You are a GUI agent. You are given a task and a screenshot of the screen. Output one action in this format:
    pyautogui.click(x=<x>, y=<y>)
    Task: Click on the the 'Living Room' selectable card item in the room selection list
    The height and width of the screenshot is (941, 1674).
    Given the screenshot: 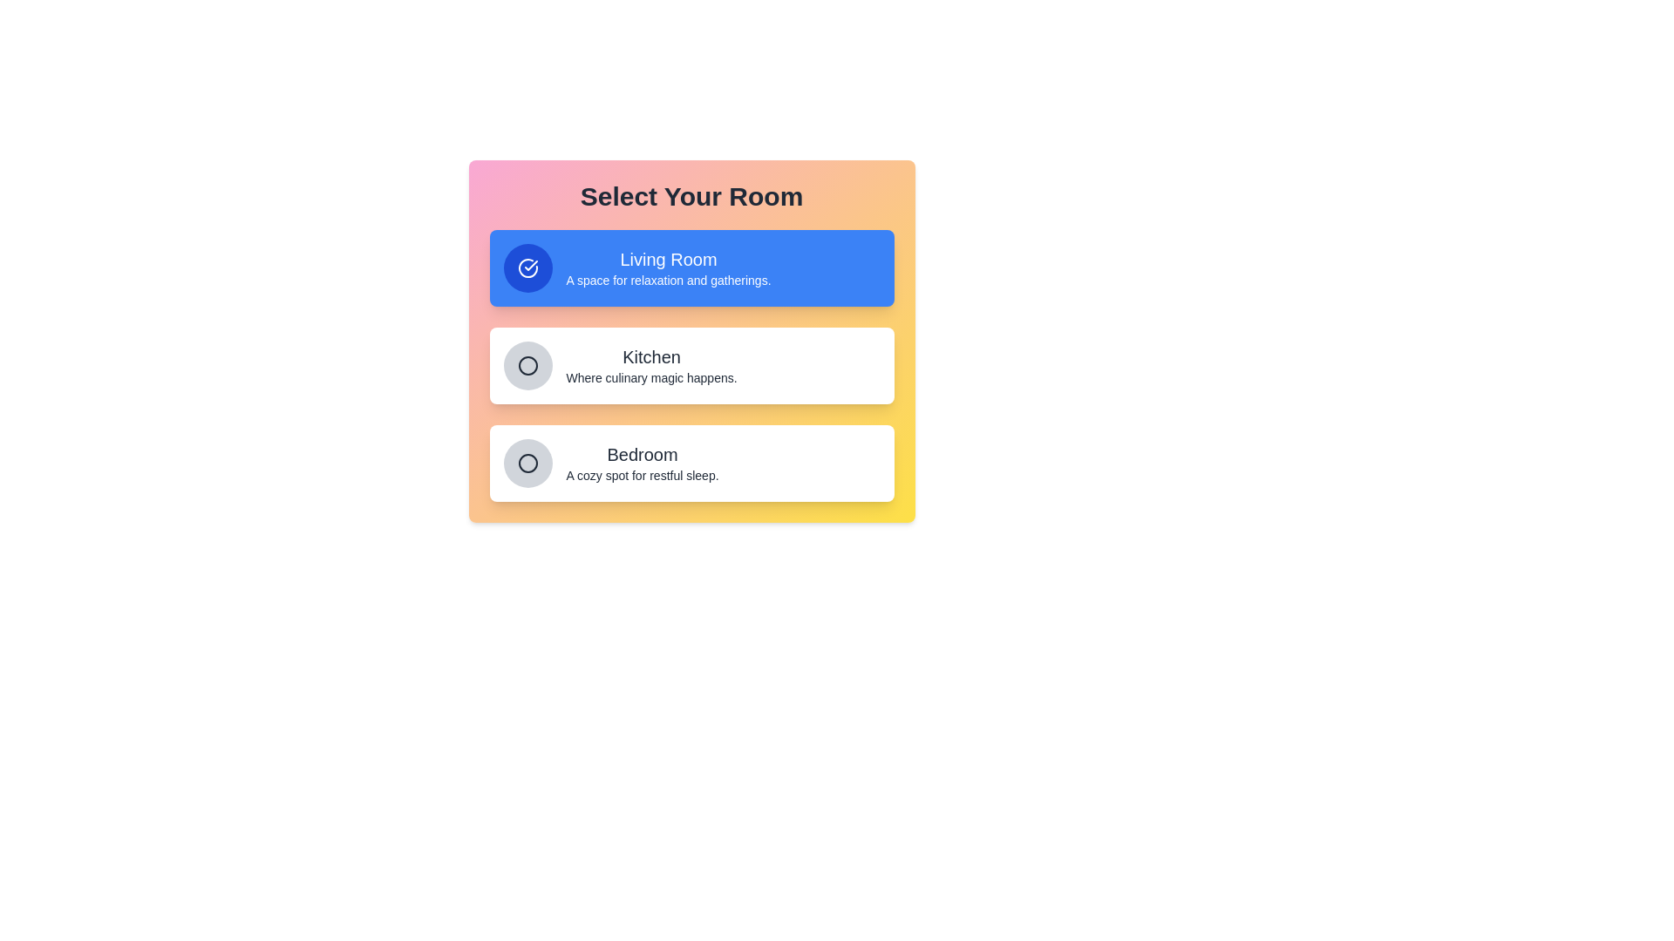 What is the action you would take?
    pyautogui.click(x=691, y=268)
    